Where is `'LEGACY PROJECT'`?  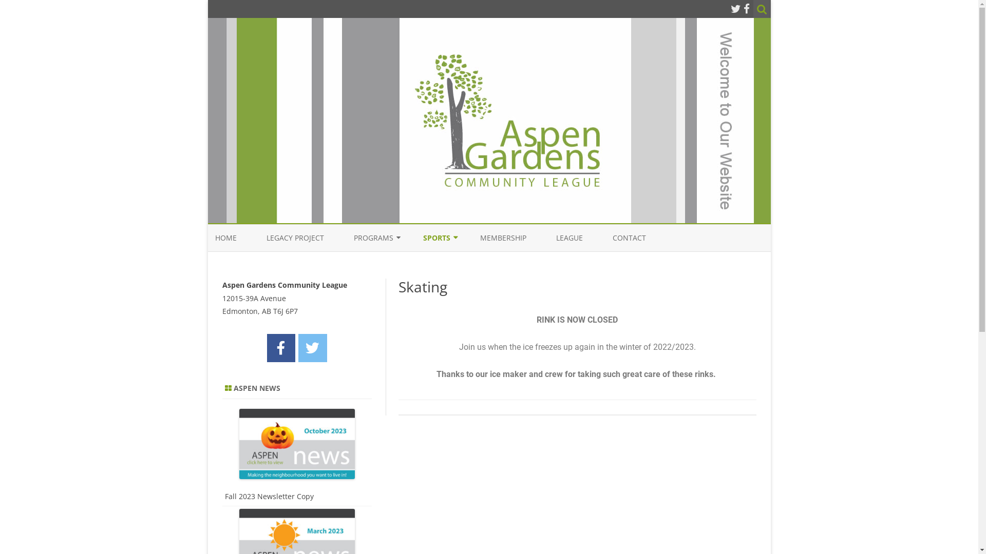 'LEGACY PROJECT' is located at coordinates (266, 238).